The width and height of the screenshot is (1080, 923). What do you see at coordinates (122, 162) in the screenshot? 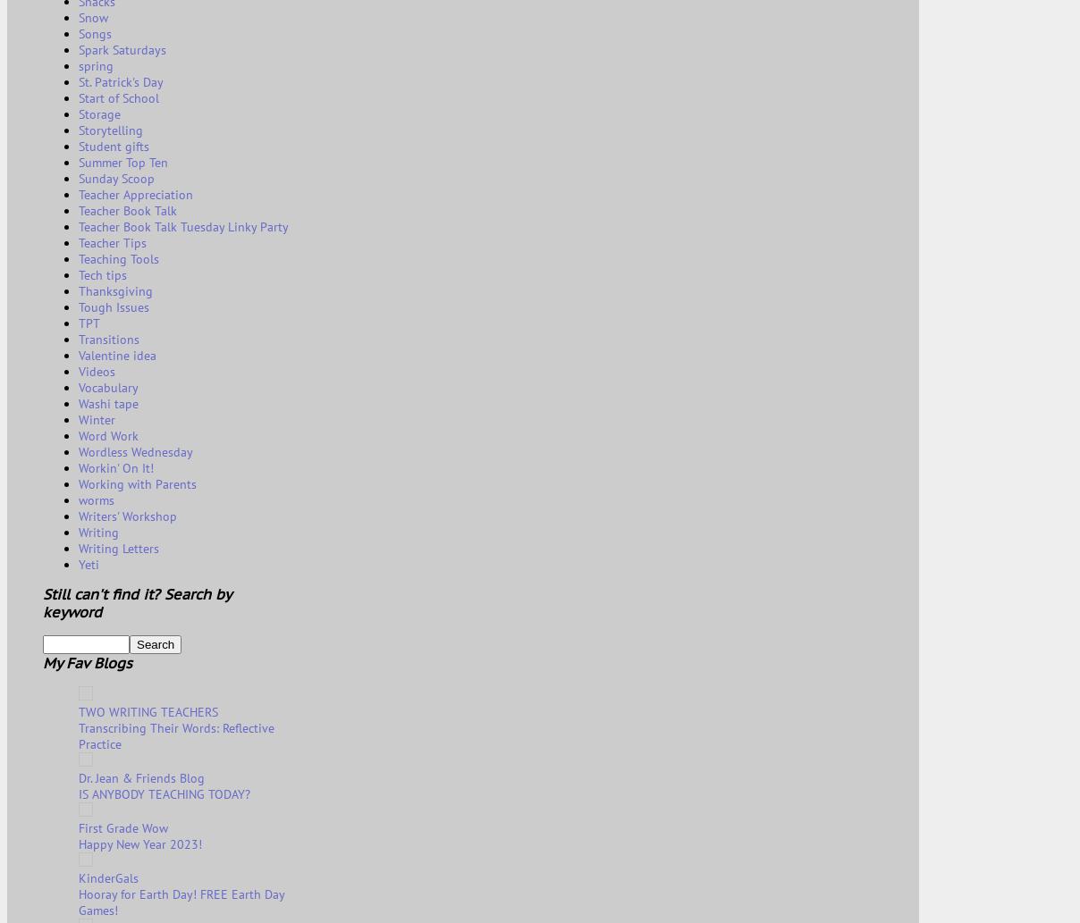
I see `'Summer Top Ten'` at bounding box center [122, 162].